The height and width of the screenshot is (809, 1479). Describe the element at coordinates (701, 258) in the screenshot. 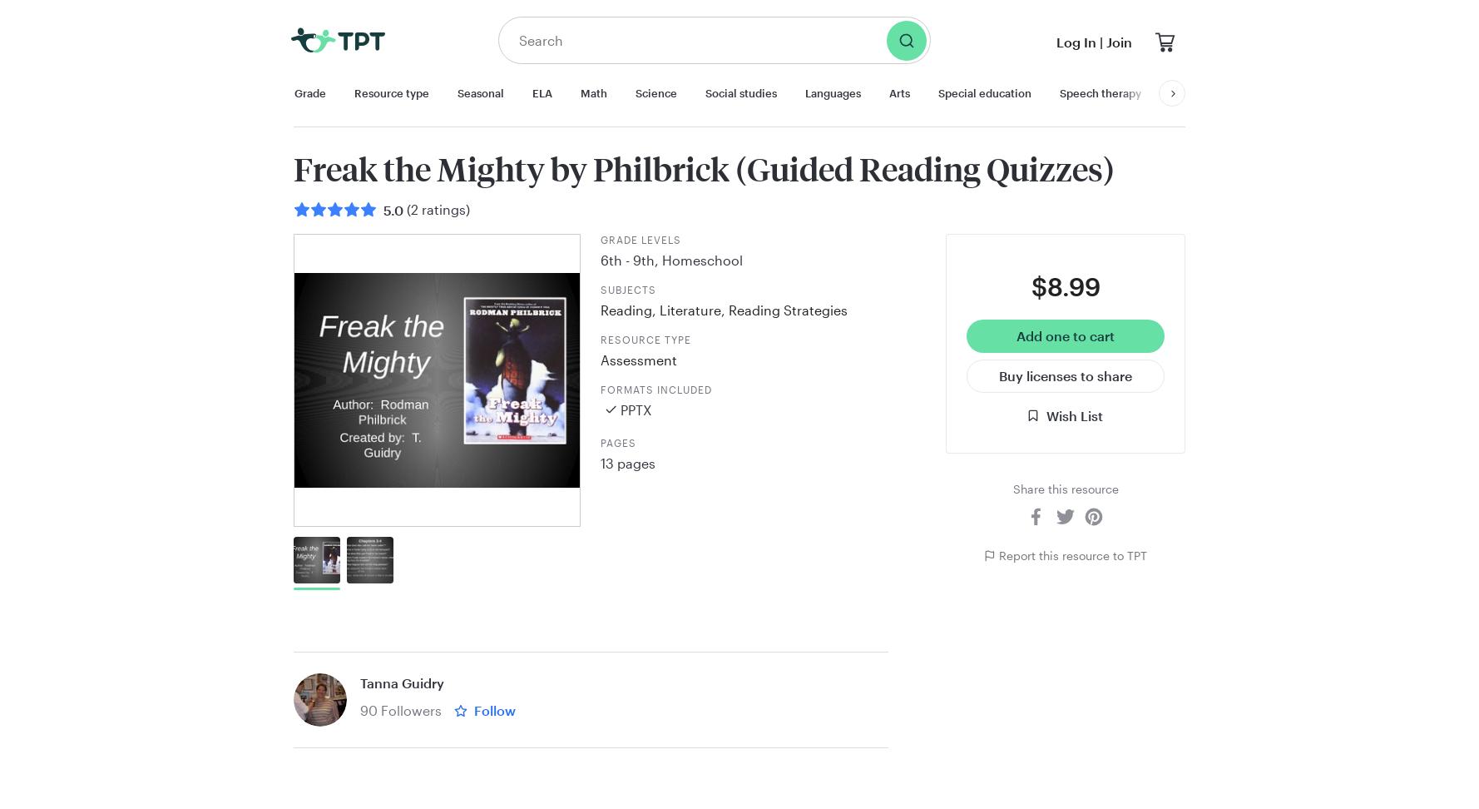

I see `'Homeschool'` at that location.